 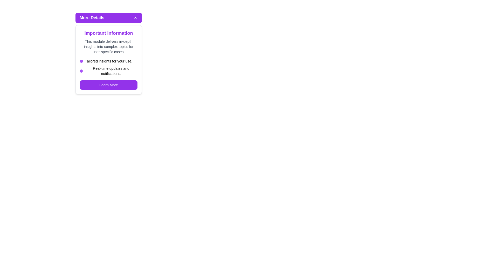 I want to click on the small purple circular visual indicator (dot) located to the left of the text 'Tailored insights for your use.', so click(x=81, y=61).